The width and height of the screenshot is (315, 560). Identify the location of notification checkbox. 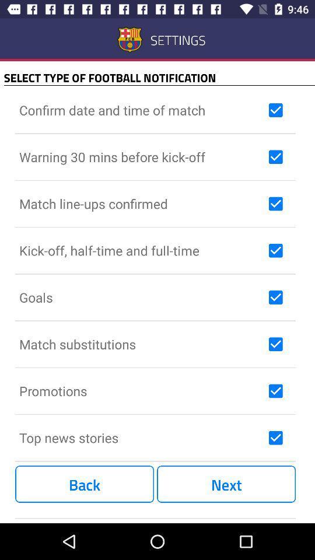
(275, 110).